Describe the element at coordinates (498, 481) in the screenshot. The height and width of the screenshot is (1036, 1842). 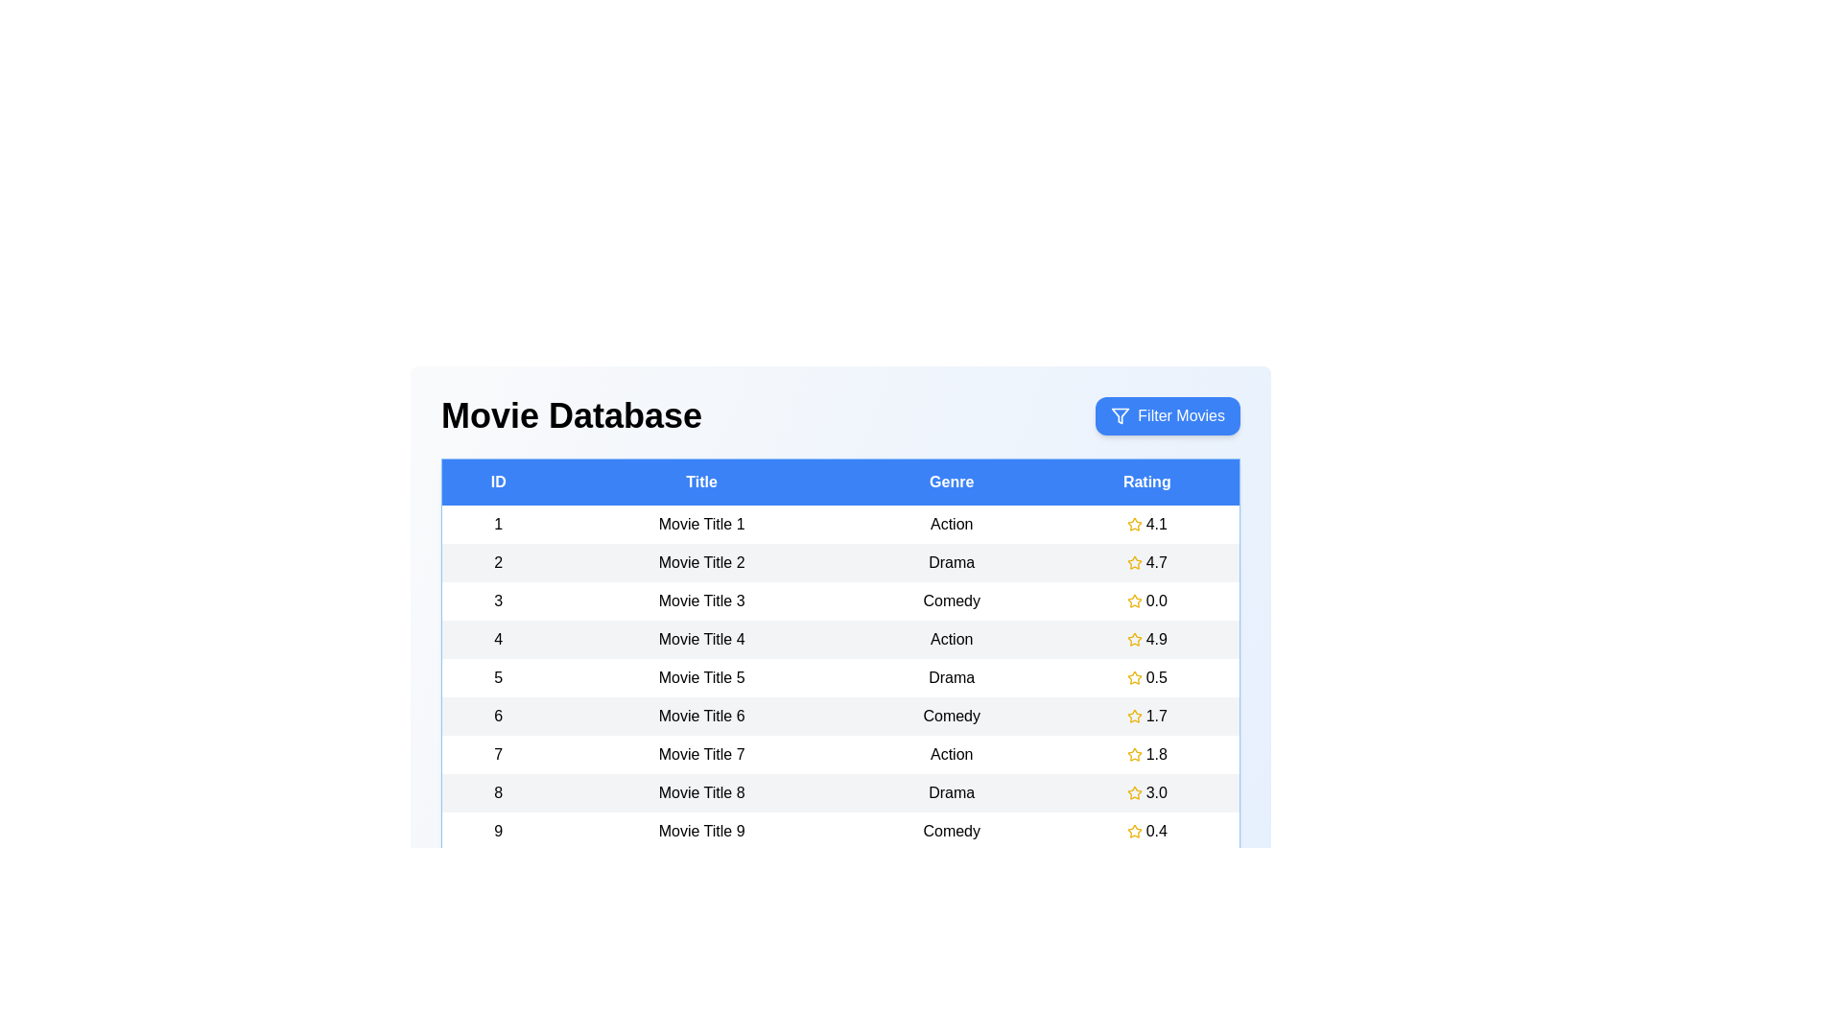
I see `the column header to sort the table by ID` at that location.